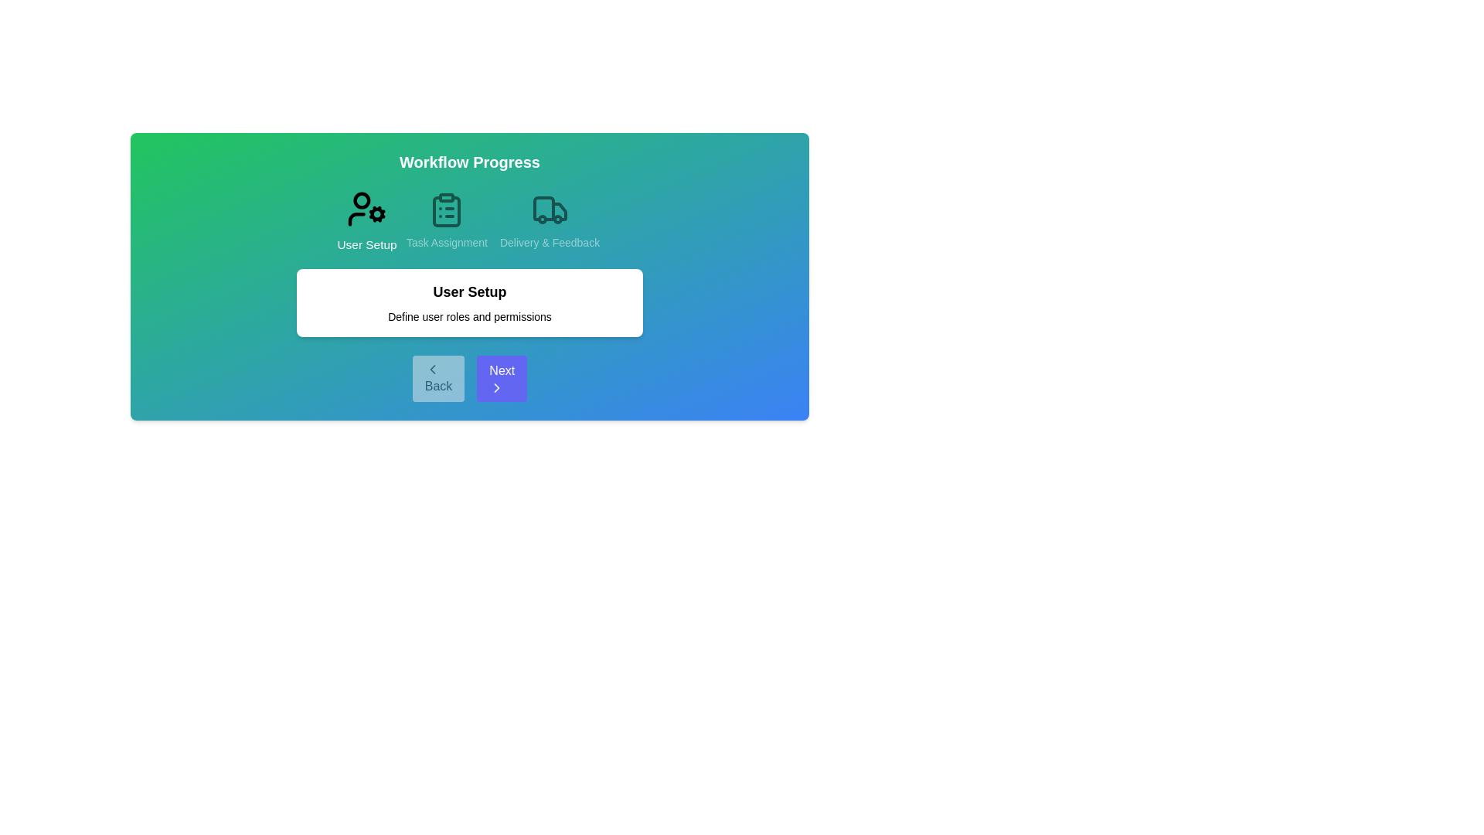  What do you see at coordinates (502, 378) in the screenshot?
I see `the 'Next' button to navigate to the next step in the workflow` at bounding box center [502, 378].